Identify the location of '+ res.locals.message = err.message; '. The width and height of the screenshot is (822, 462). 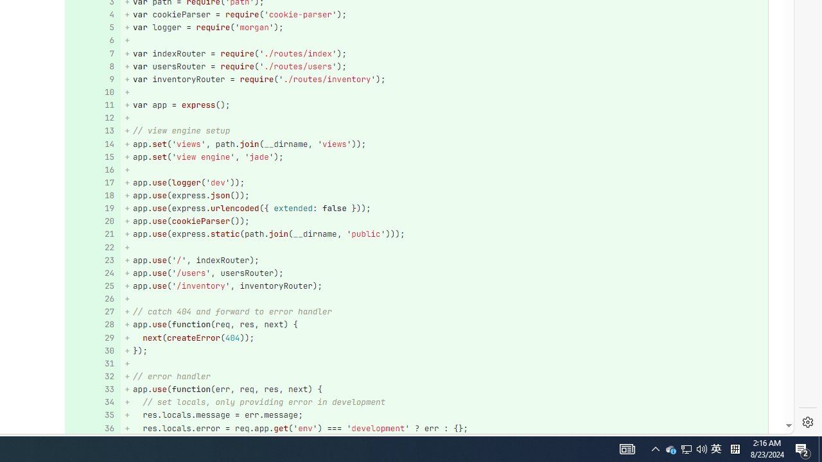
(444, 415).